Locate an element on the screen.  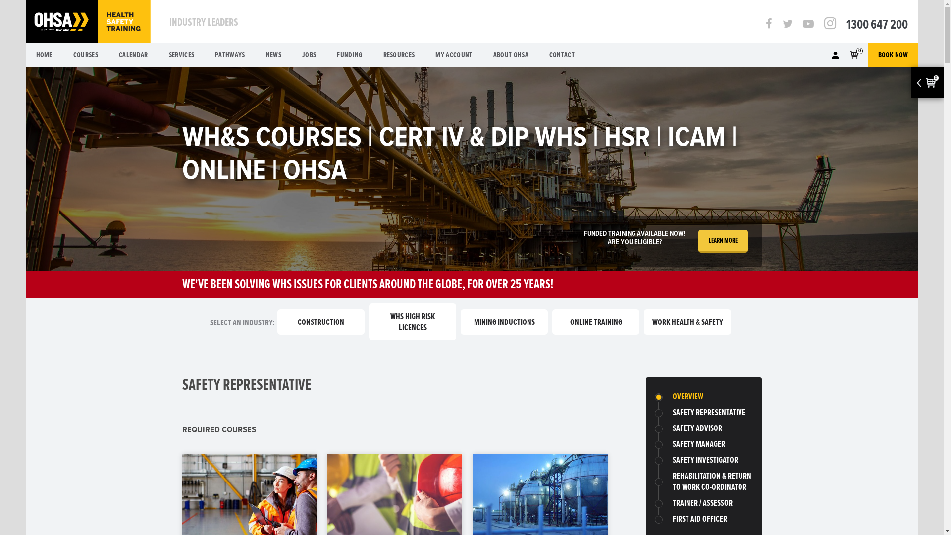
'SAFETY REPRESENTATIVE' is located at coordinates (708, 413).